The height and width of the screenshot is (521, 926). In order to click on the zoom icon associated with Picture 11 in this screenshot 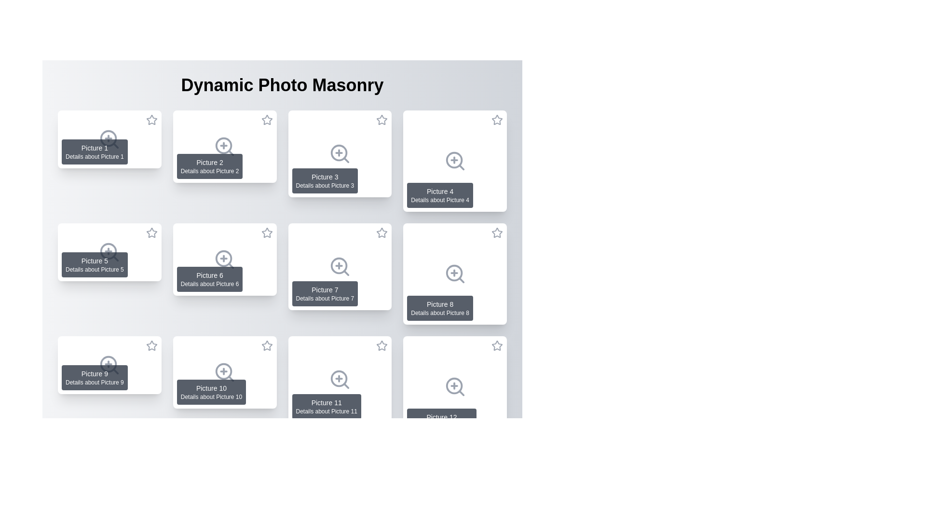, I will do `click(340, 379)`.